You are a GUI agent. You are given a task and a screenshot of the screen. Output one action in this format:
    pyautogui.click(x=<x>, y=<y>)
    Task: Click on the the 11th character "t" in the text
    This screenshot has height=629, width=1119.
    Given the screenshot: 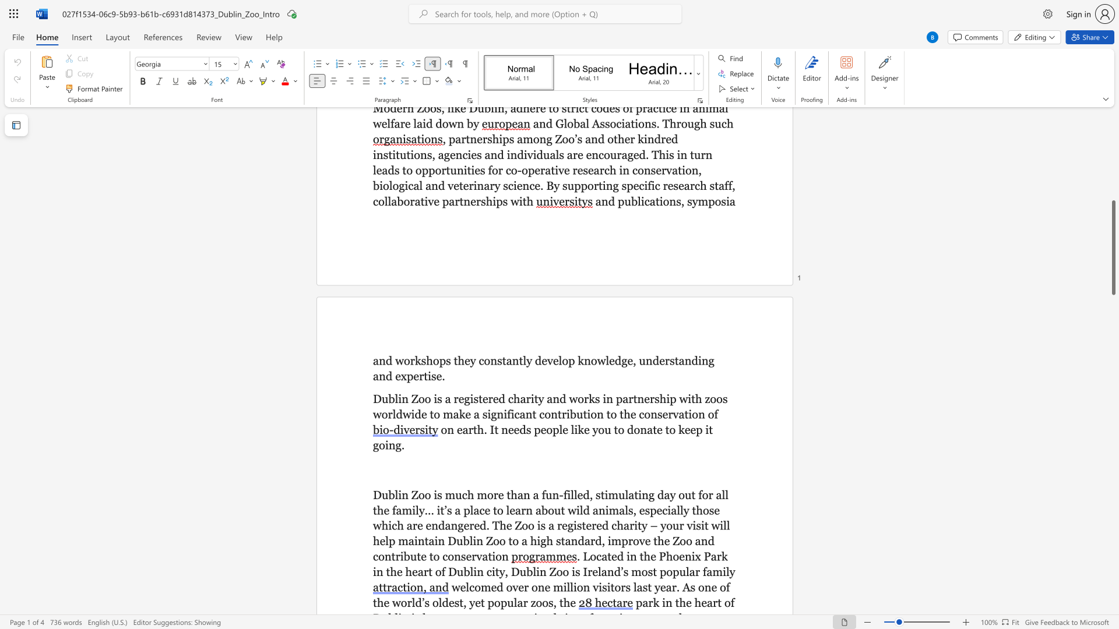 What is the action you would take?
    pyautogui.click(x=686, y=414)
    